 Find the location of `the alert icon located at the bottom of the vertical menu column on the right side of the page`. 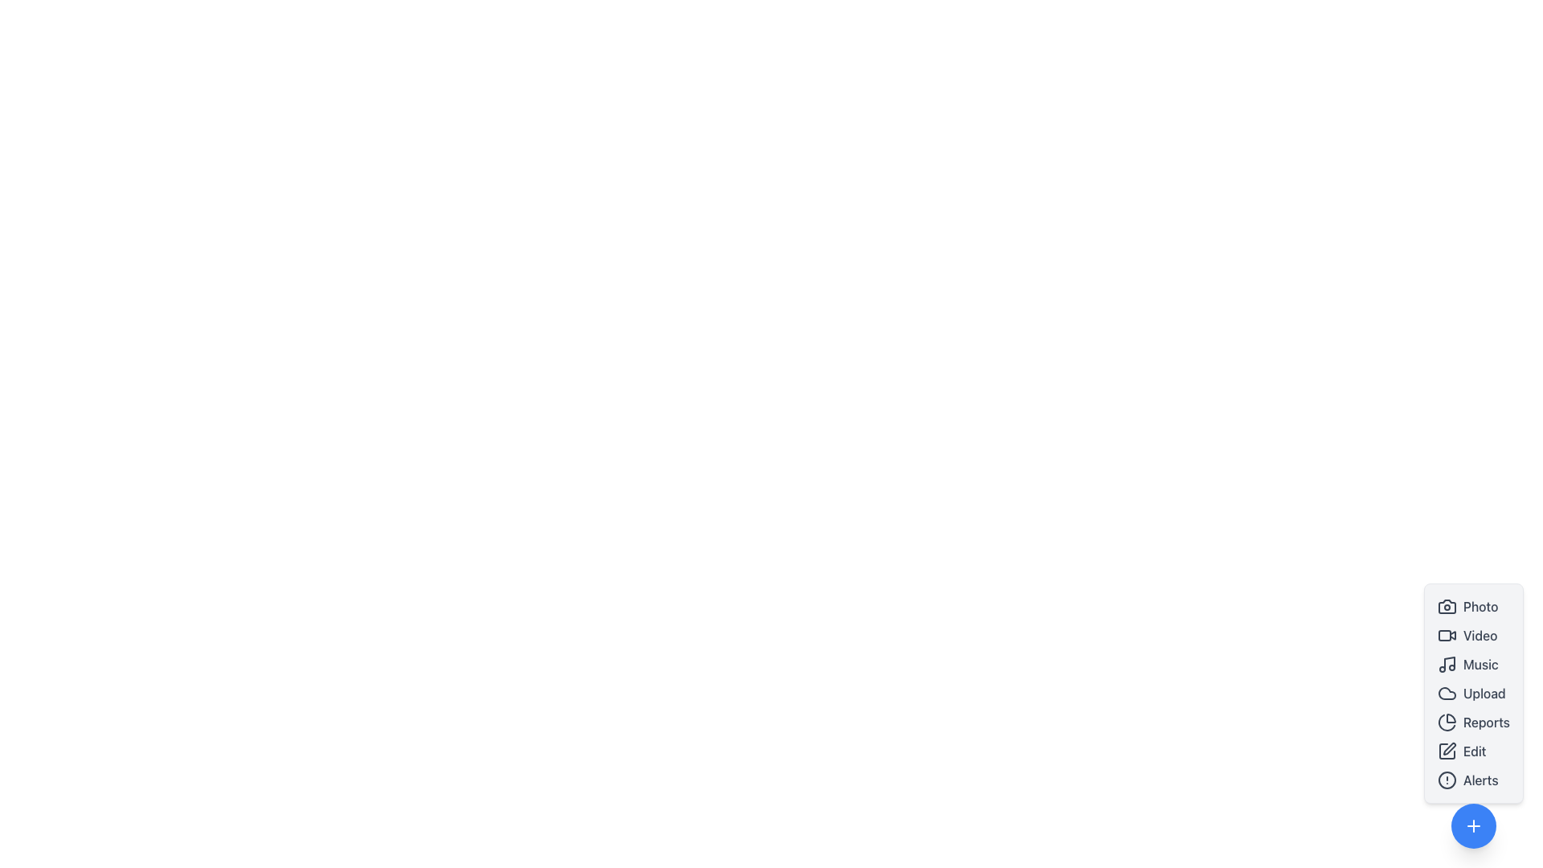

the alert icon located at the bottom of the vertical menu column on the right side of the page is located at coordinates (1447, 780).